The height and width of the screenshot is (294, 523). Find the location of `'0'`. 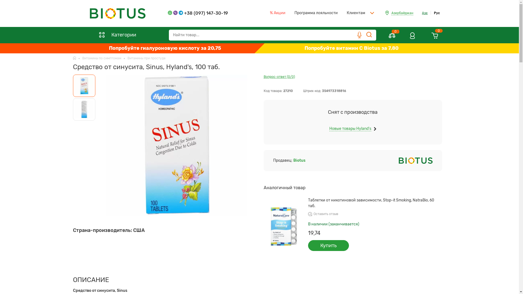

'0' is located at coordinates (392, 37).